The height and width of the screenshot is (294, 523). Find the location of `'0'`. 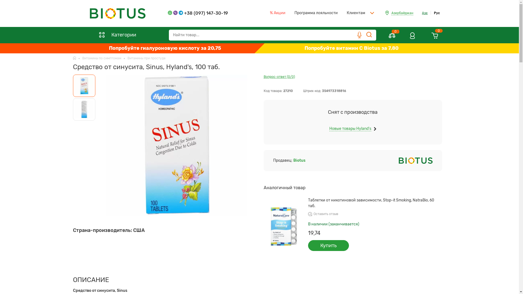

'0' is located at coordinates (392, 37).